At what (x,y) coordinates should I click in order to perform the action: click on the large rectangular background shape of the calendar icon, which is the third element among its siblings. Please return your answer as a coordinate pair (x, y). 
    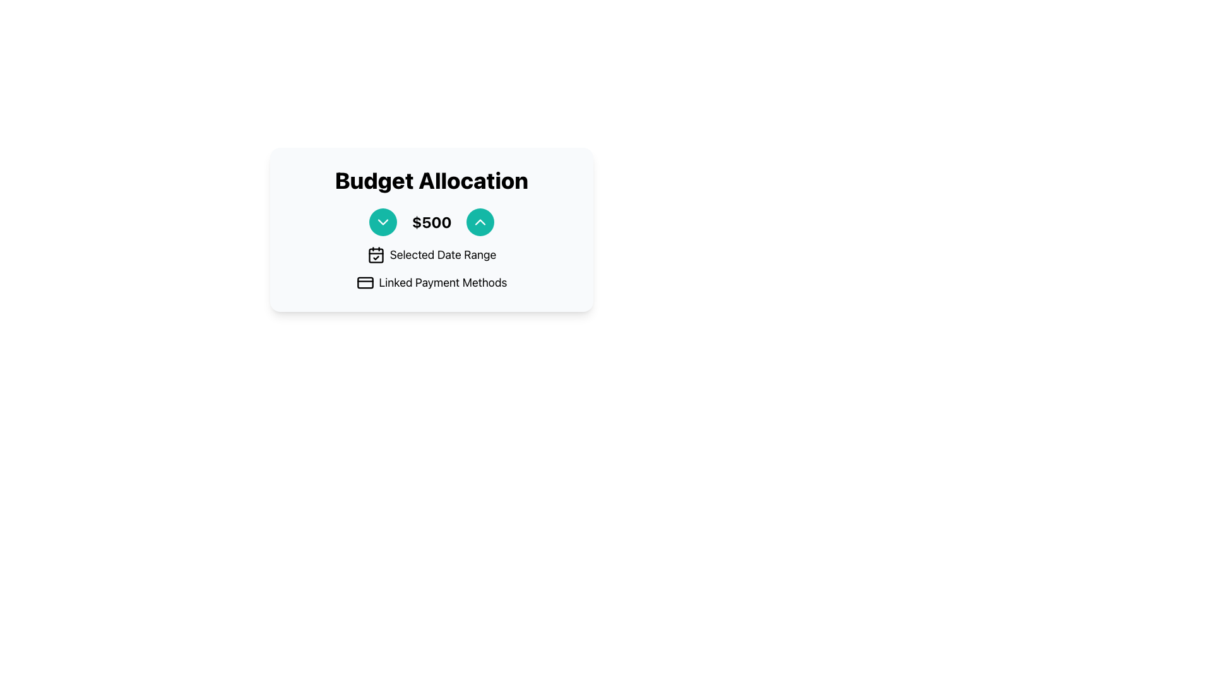
    Looking at the image, I should click on (375, 256).